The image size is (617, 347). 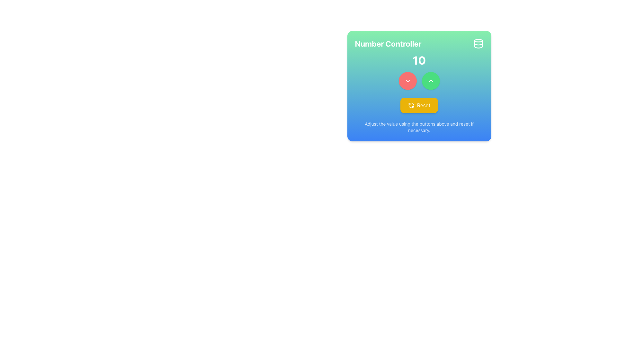 What do you see at coordinates (411, 105) in the screenshot?
I see `the 'Reset' button, which features a circular refresh icon on the left` at bounding box center [411, 105].